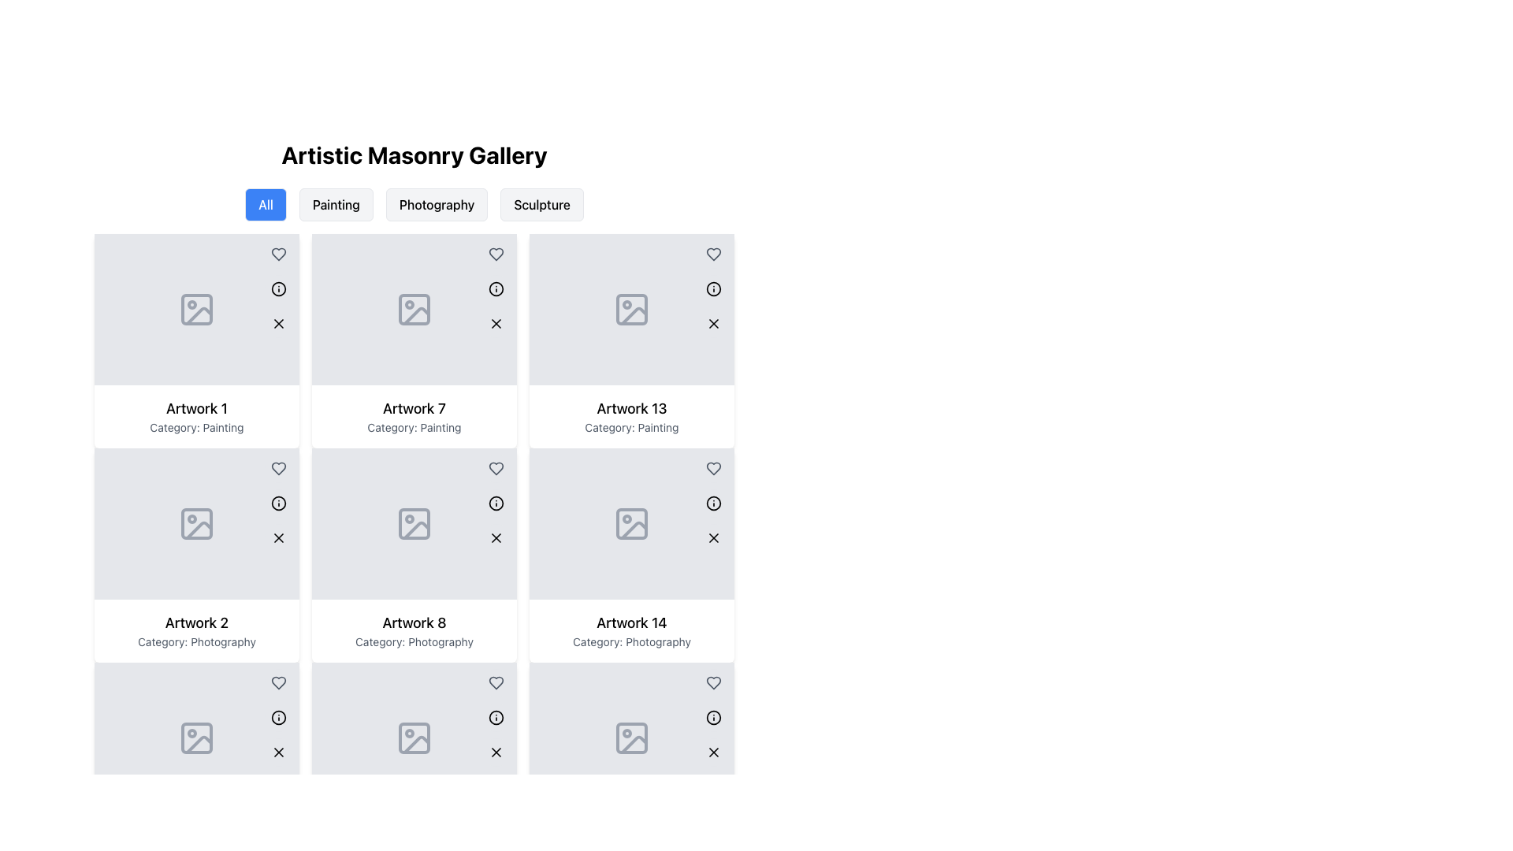 The image size is (1513, 851). What do you see at coordinates (195, 738) in the screenshot?
I see `the graphical element embedded within the picture icon of the last item in the leftmost column of the gallery, located beneath 'Artwork 2' and 'Category: Photography'` at bounding box center [195, 738].